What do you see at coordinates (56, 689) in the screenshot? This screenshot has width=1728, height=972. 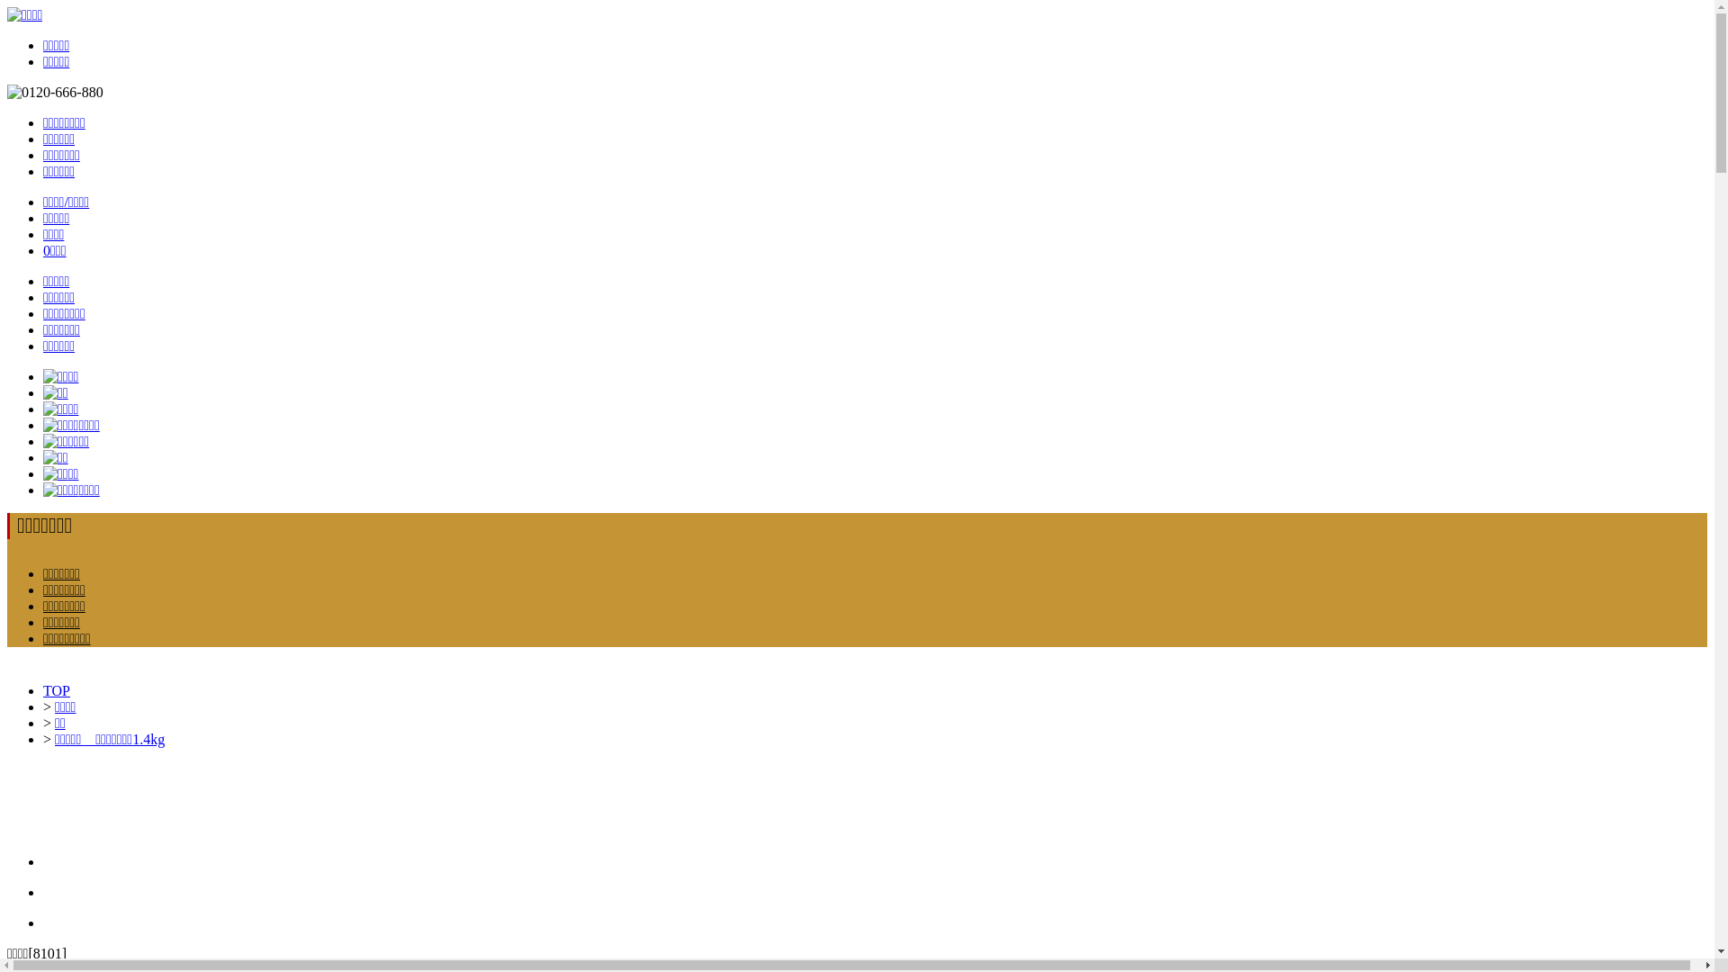 I see `'TOP'` at bounding box center [56, 689].